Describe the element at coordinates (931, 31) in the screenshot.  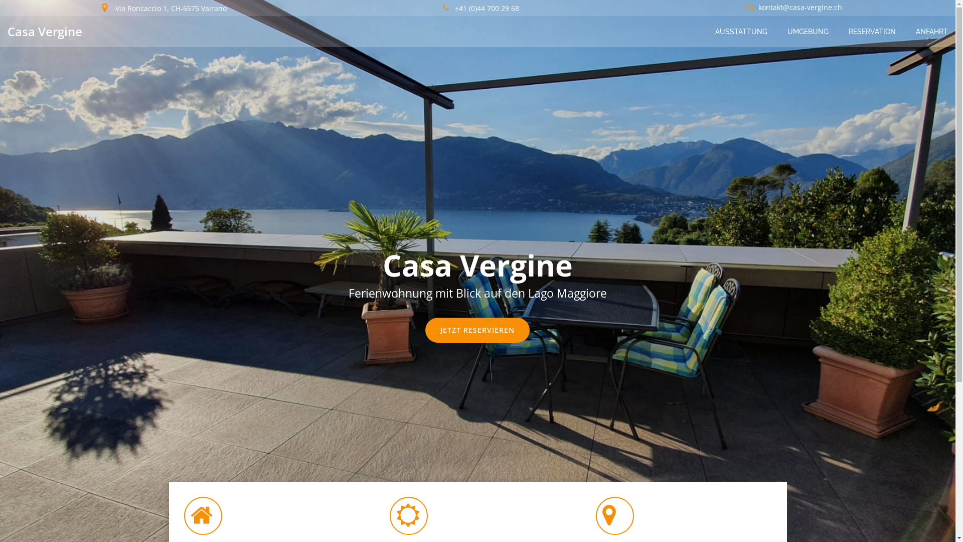
I see `'ANFAHRT'` at that location.